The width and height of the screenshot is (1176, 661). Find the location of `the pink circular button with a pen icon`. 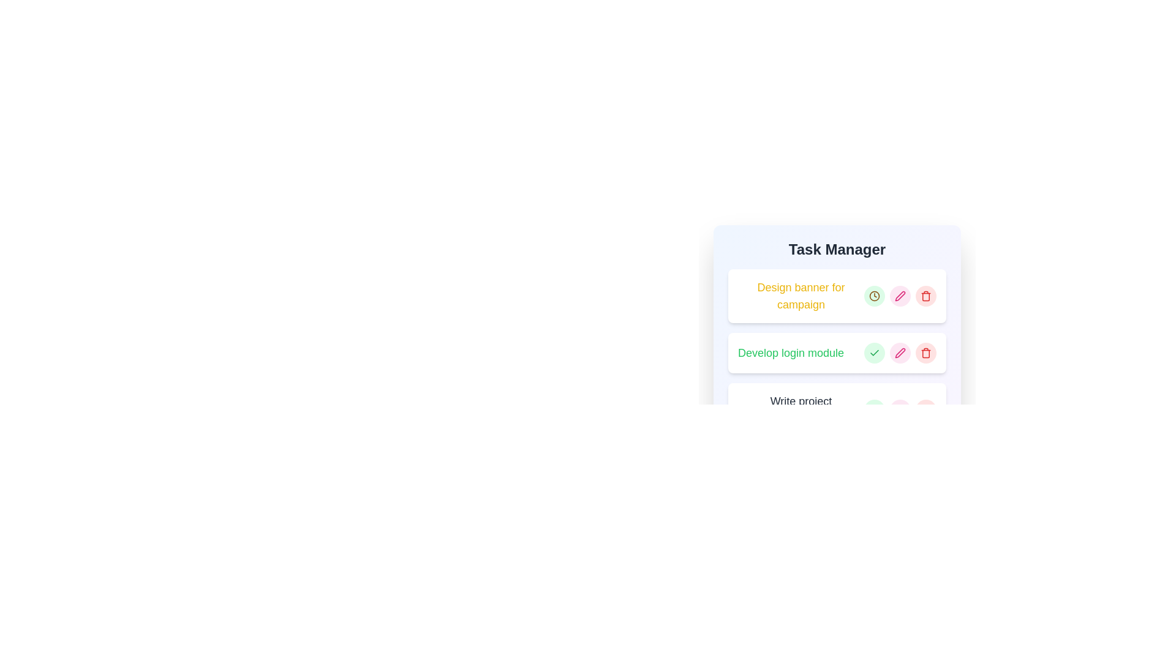

the pink circular button with a pen icon is located at coordinates (900, 353).